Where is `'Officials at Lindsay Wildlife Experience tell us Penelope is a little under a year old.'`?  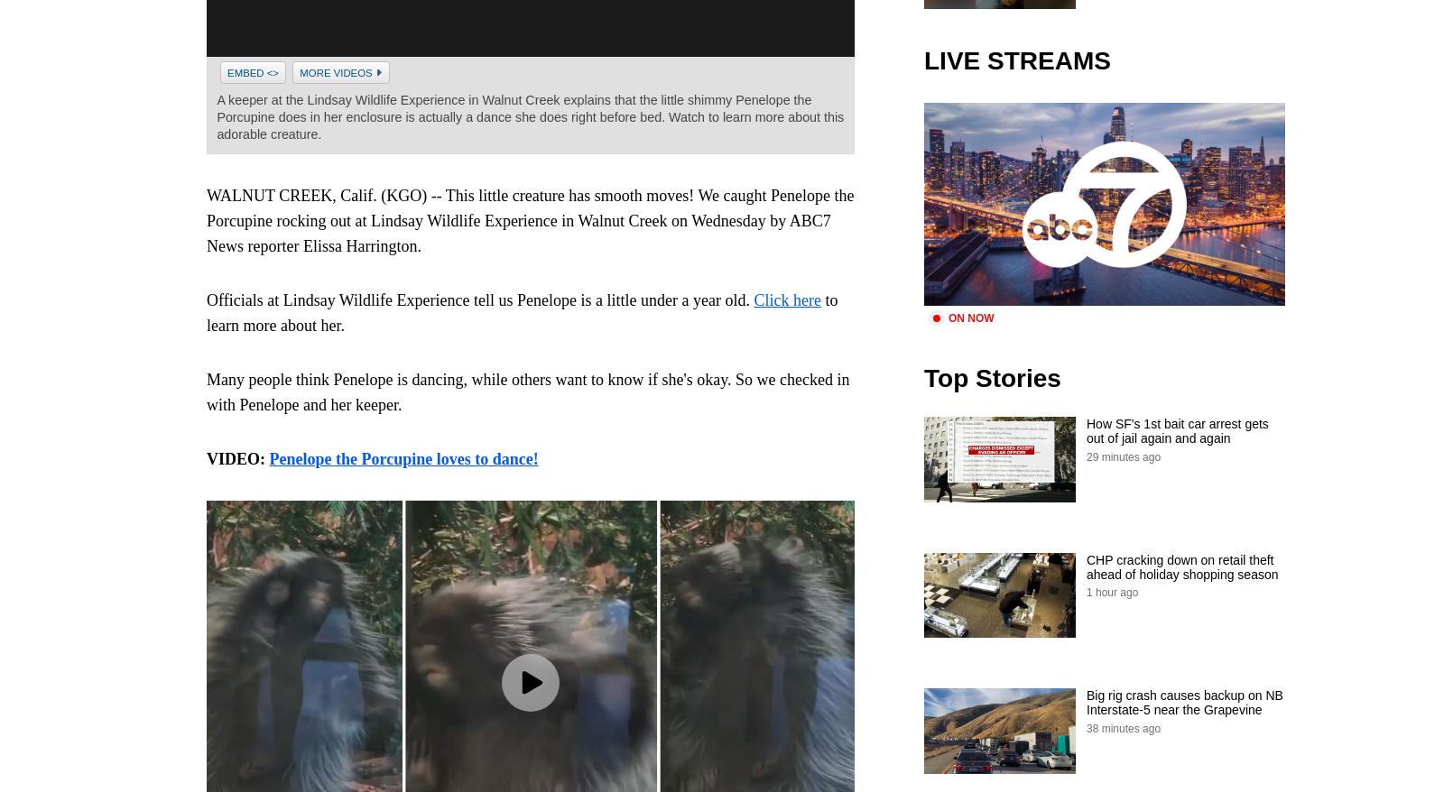
'Officials at Lindsay Wildlife Experience tell us Penelope is a little under a year old.' is located at coordinates (479, 300).